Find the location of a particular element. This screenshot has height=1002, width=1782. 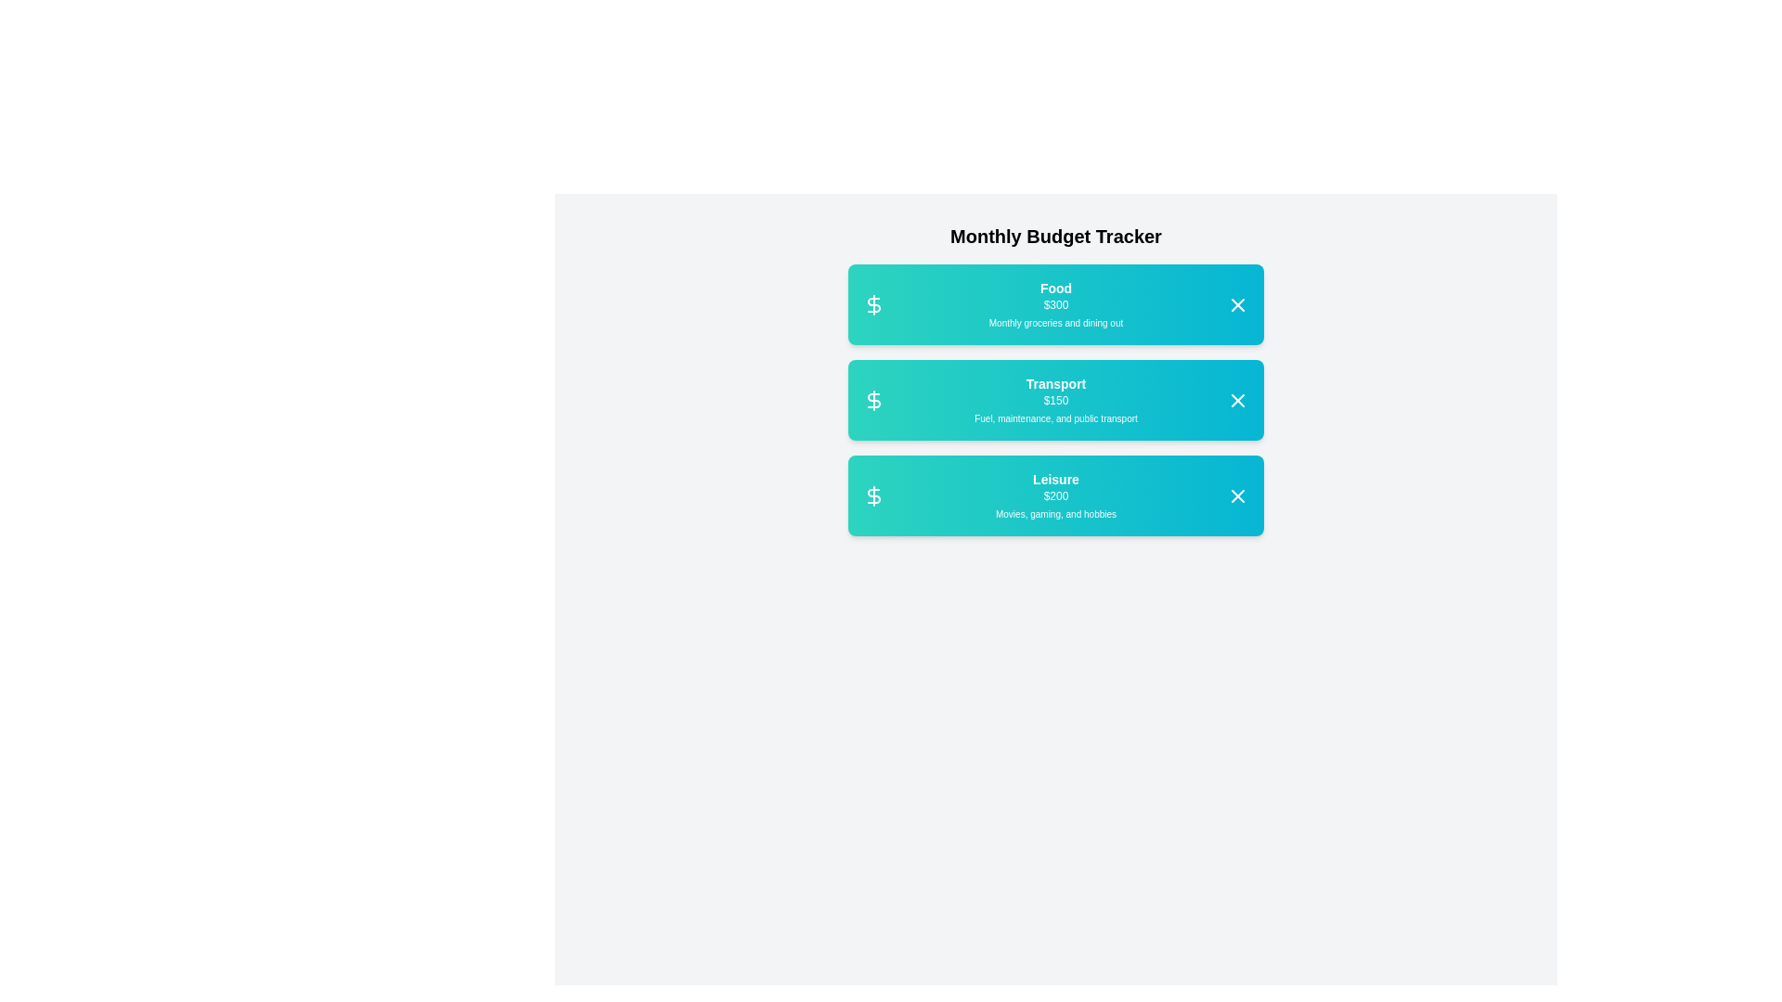

the dollar sign icon to highlight it for the category Transport is located at coordinates (872, 399).